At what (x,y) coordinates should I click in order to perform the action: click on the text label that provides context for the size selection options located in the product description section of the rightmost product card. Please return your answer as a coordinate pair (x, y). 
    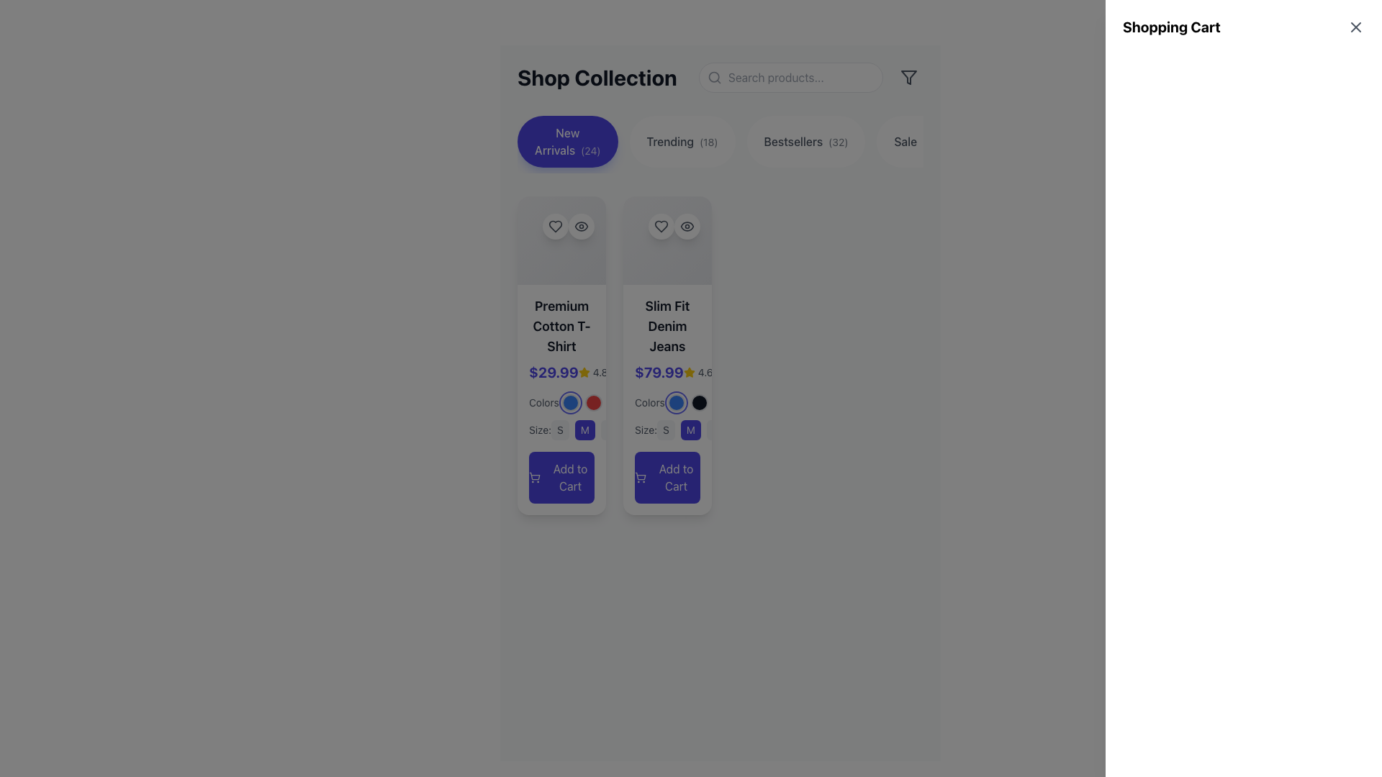
    Looking at the image, I should click on (539, 429).